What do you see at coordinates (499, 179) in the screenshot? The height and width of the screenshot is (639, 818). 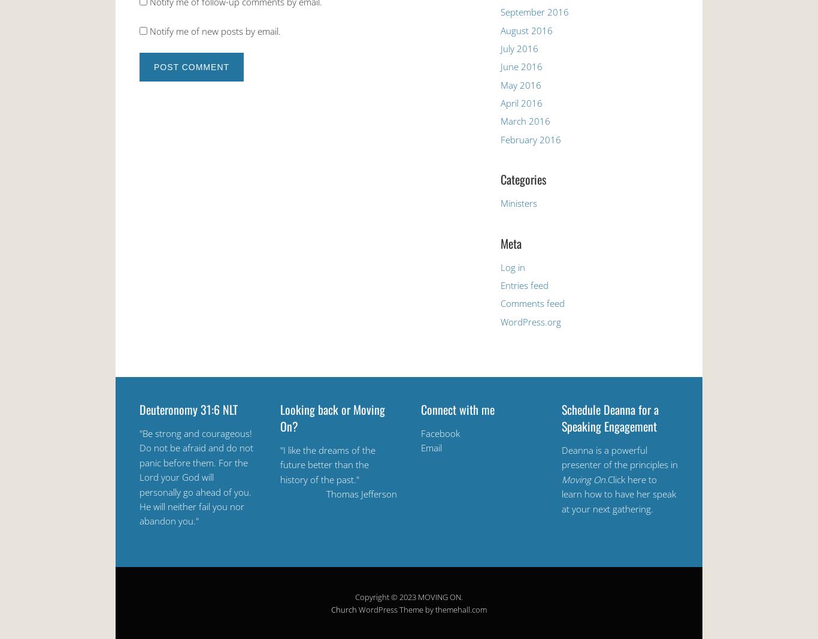 I see `'Categories'` at bounding box center [499, 179].